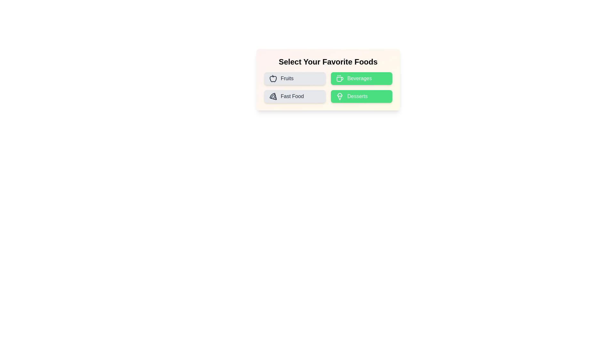 This screenshot has height=345, width=615. What do you see at coordinates (361, 96) in the screenshot?
I see `the food category Desserts by clicking its corresponding button` at bounding box center [361, 96].